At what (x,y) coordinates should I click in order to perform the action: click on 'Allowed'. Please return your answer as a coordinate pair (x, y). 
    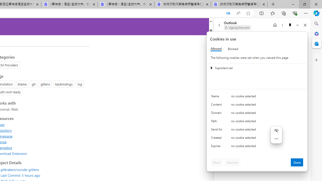
    Looking at the image, I should click on (216, 49).